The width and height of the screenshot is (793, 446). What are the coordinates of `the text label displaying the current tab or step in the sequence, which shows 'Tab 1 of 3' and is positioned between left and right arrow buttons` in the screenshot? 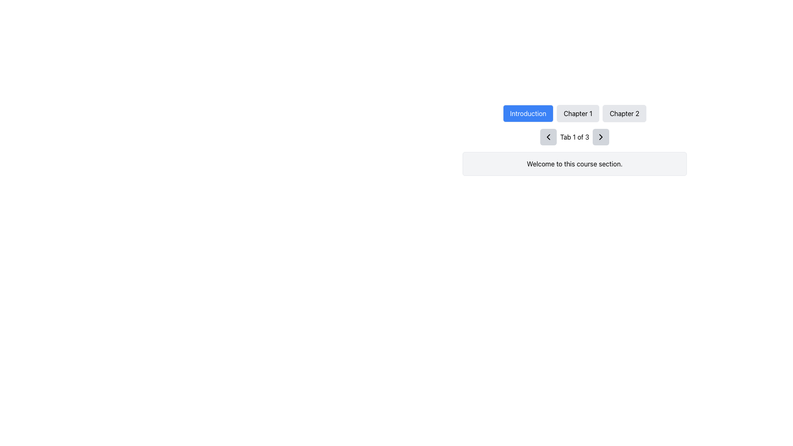 It's located at (574, 136).